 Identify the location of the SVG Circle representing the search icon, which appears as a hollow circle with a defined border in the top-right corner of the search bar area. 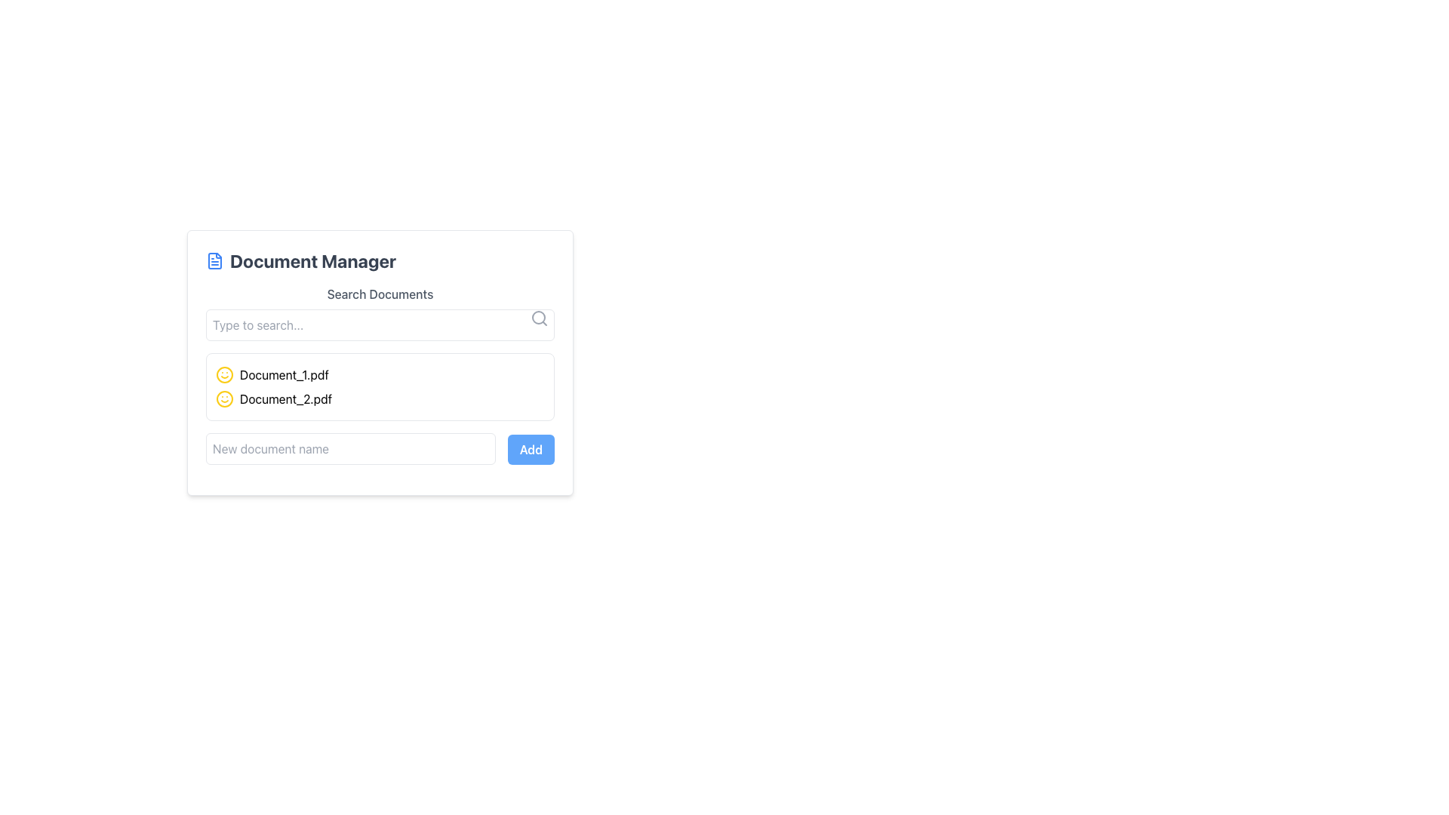
(539, 316).